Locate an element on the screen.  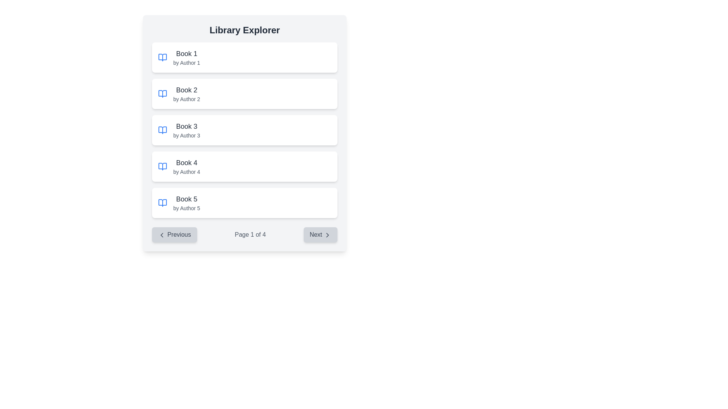
the Text element displaying the title and author of a book, which is the first item in a vertical list of book entries located near the top-center of the interface is located at coordinates (187, 57).